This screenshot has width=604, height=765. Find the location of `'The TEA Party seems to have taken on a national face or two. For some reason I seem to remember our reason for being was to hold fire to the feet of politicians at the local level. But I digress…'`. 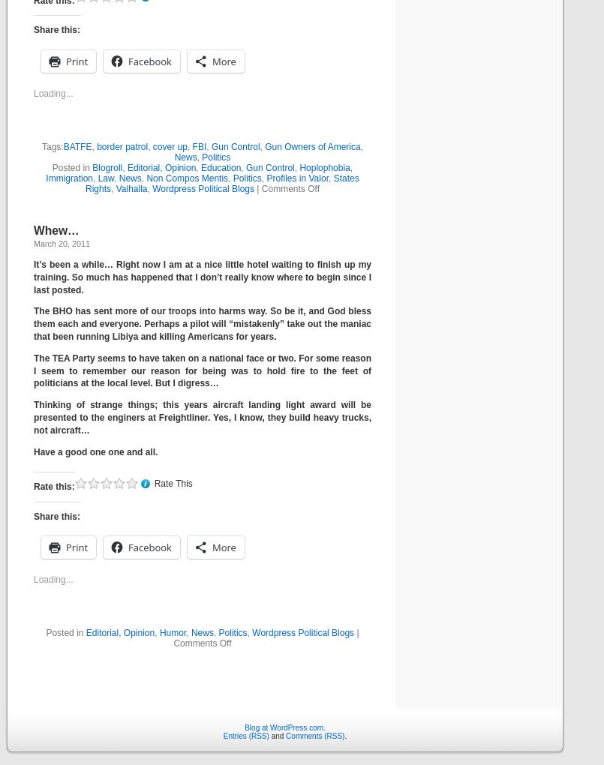

'The TEA Party seems to have taken on a national face or two. For some reason I seem to remember our reason for being was to hold fire to the feet of politicians at the local level. But I digress…' is located at coordinates (202, 370).